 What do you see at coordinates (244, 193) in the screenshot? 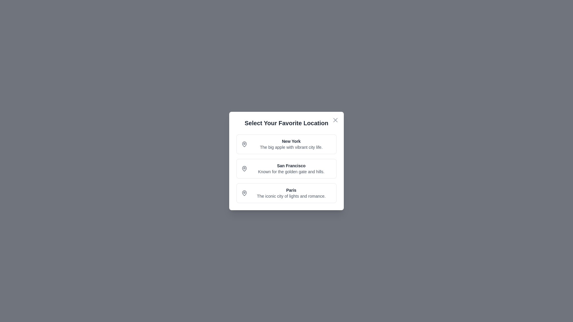
I see `the icon of the Paris card to inspect it` at bounding box center [244, 193].